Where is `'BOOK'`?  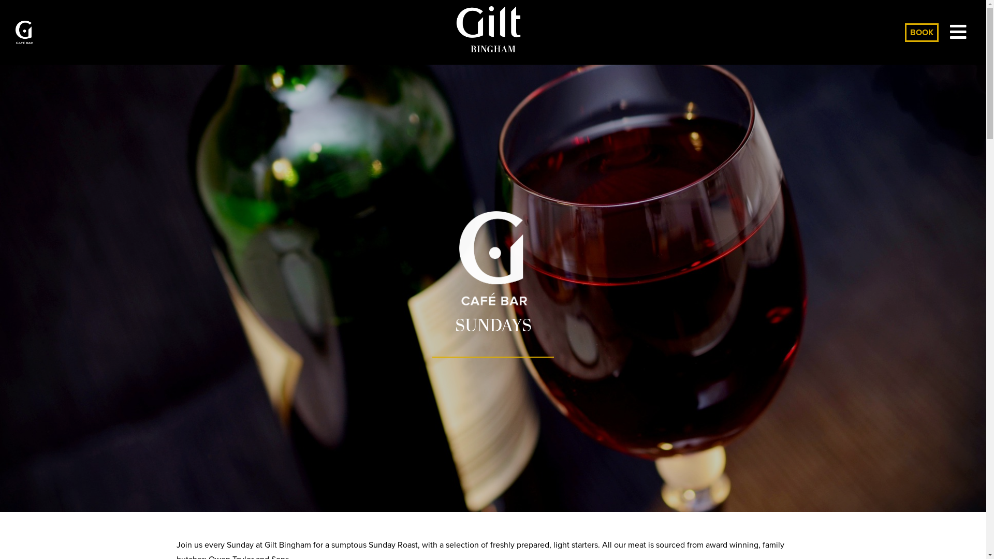
'BOOK' is located at coordinates (922, 31).